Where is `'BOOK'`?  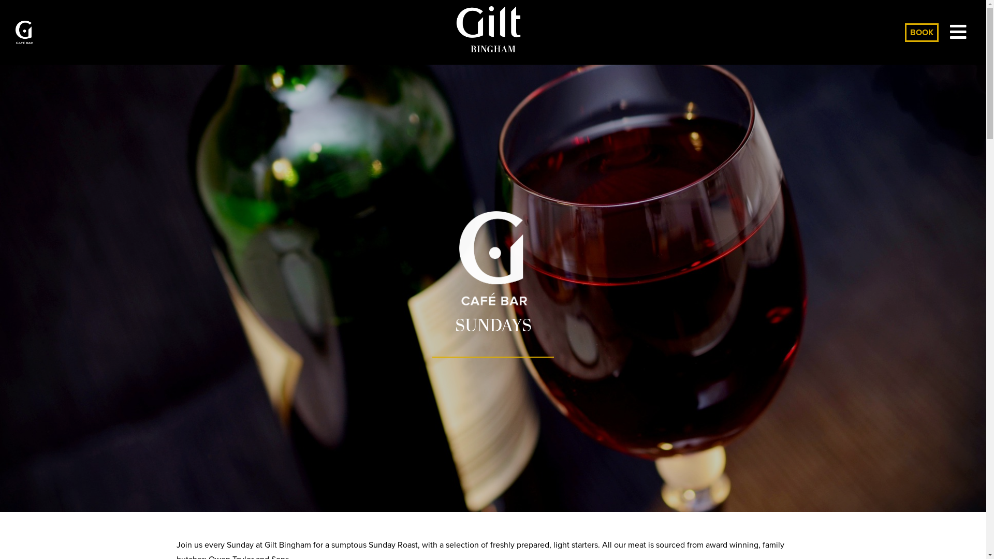
'BOOK' is located at coordinates (922, 31).